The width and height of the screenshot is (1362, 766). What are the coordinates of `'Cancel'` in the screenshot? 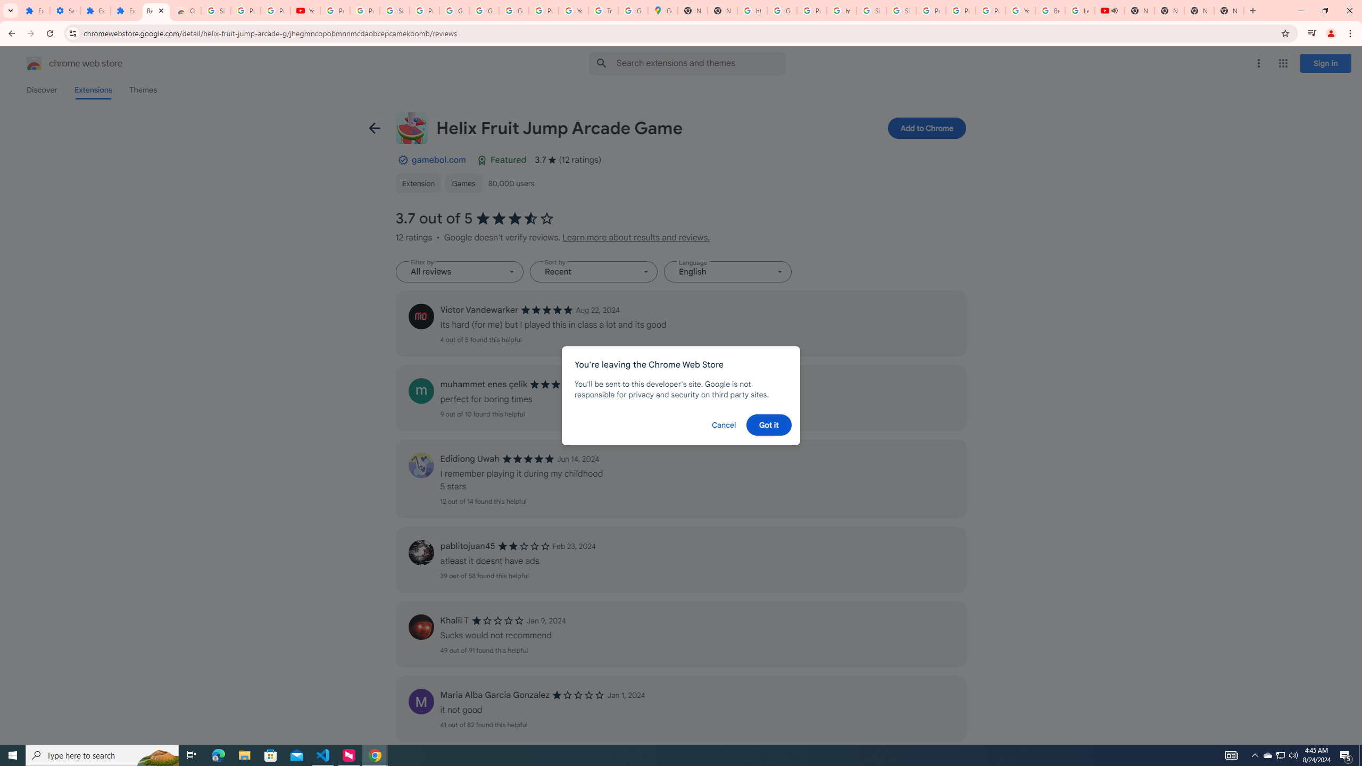 It's located at (724, 424).